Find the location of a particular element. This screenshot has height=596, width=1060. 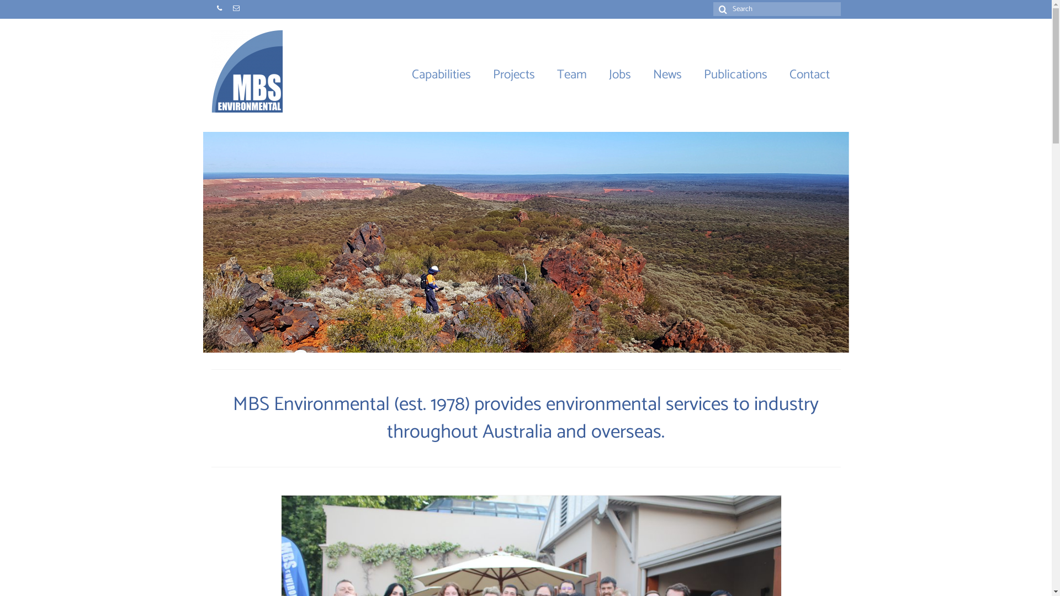

'Publications' is located at coordinates (735, 74).